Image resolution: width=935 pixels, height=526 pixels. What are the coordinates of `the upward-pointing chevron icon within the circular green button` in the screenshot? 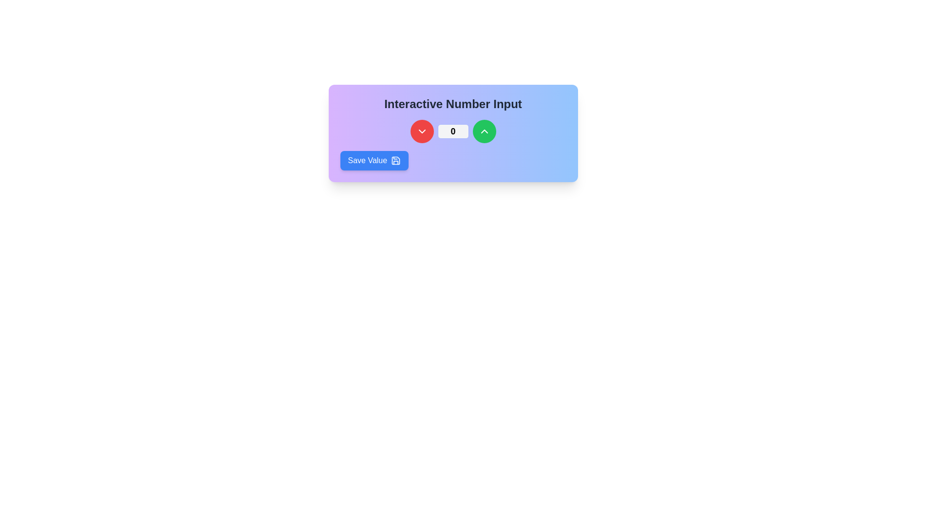 It's located at (484, 131).